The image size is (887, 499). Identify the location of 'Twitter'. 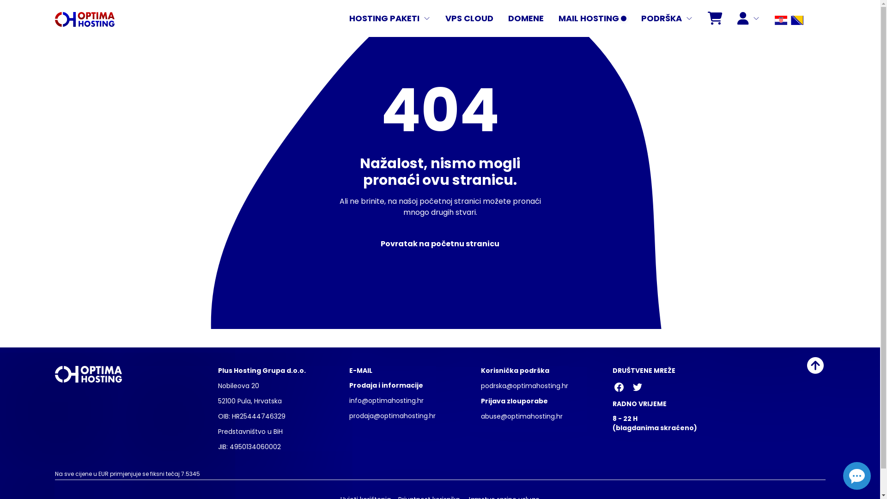
(631, 387).